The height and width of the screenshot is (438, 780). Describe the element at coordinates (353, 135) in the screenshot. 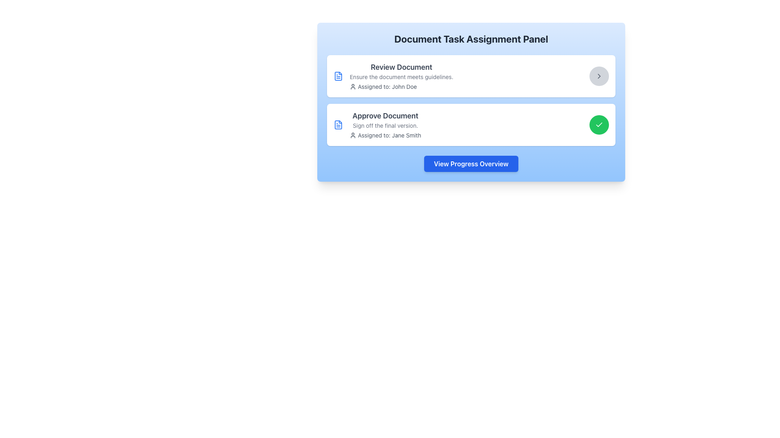

I see `the user identifier icon for Jane Smith, which is positioned next to the text 'Assigned to: Jane Smith'` at that location.